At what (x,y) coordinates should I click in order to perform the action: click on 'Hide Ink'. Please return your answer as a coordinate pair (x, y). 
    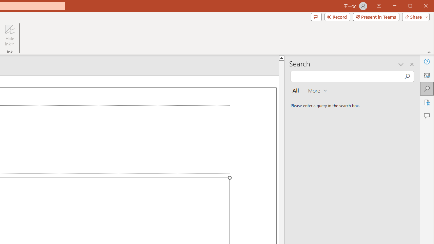
    Looking at the image, I should click on (9, 35).